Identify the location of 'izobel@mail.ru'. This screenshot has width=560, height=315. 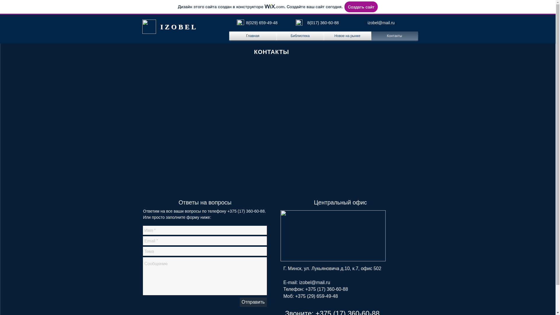
(381, 22).